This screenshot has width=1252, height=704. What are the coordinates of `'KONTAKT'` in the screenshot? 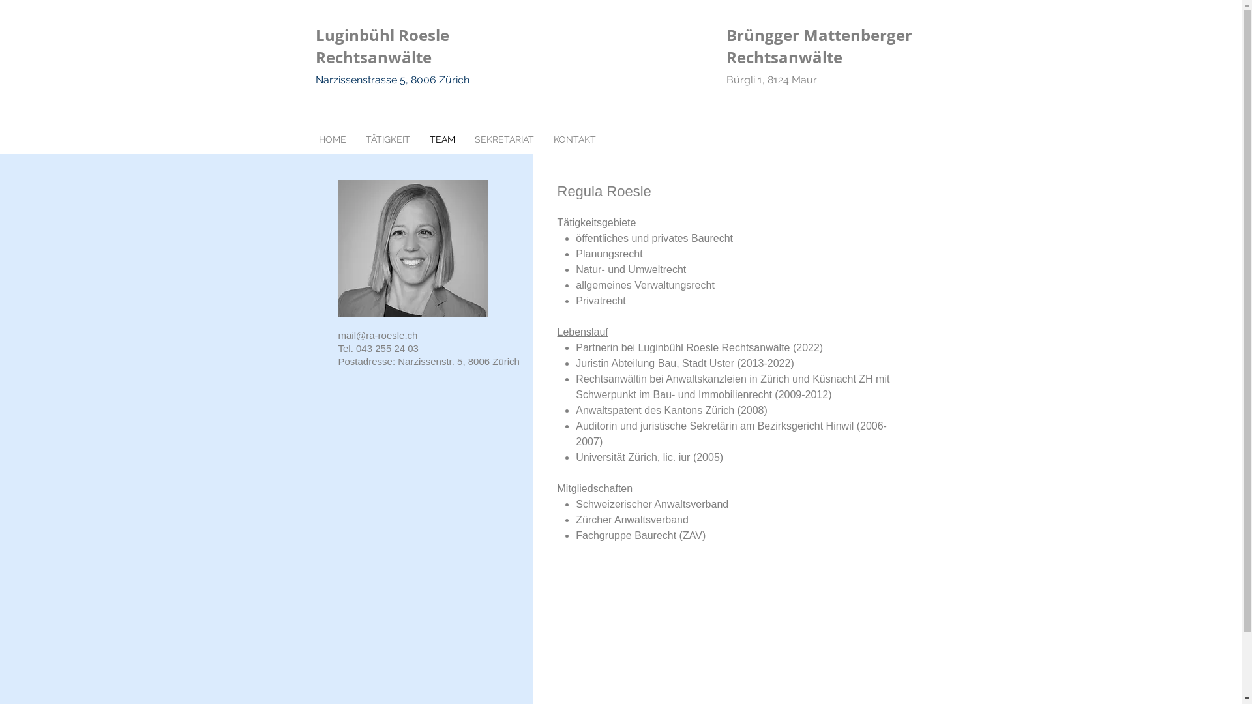 It's located at (574, 139).